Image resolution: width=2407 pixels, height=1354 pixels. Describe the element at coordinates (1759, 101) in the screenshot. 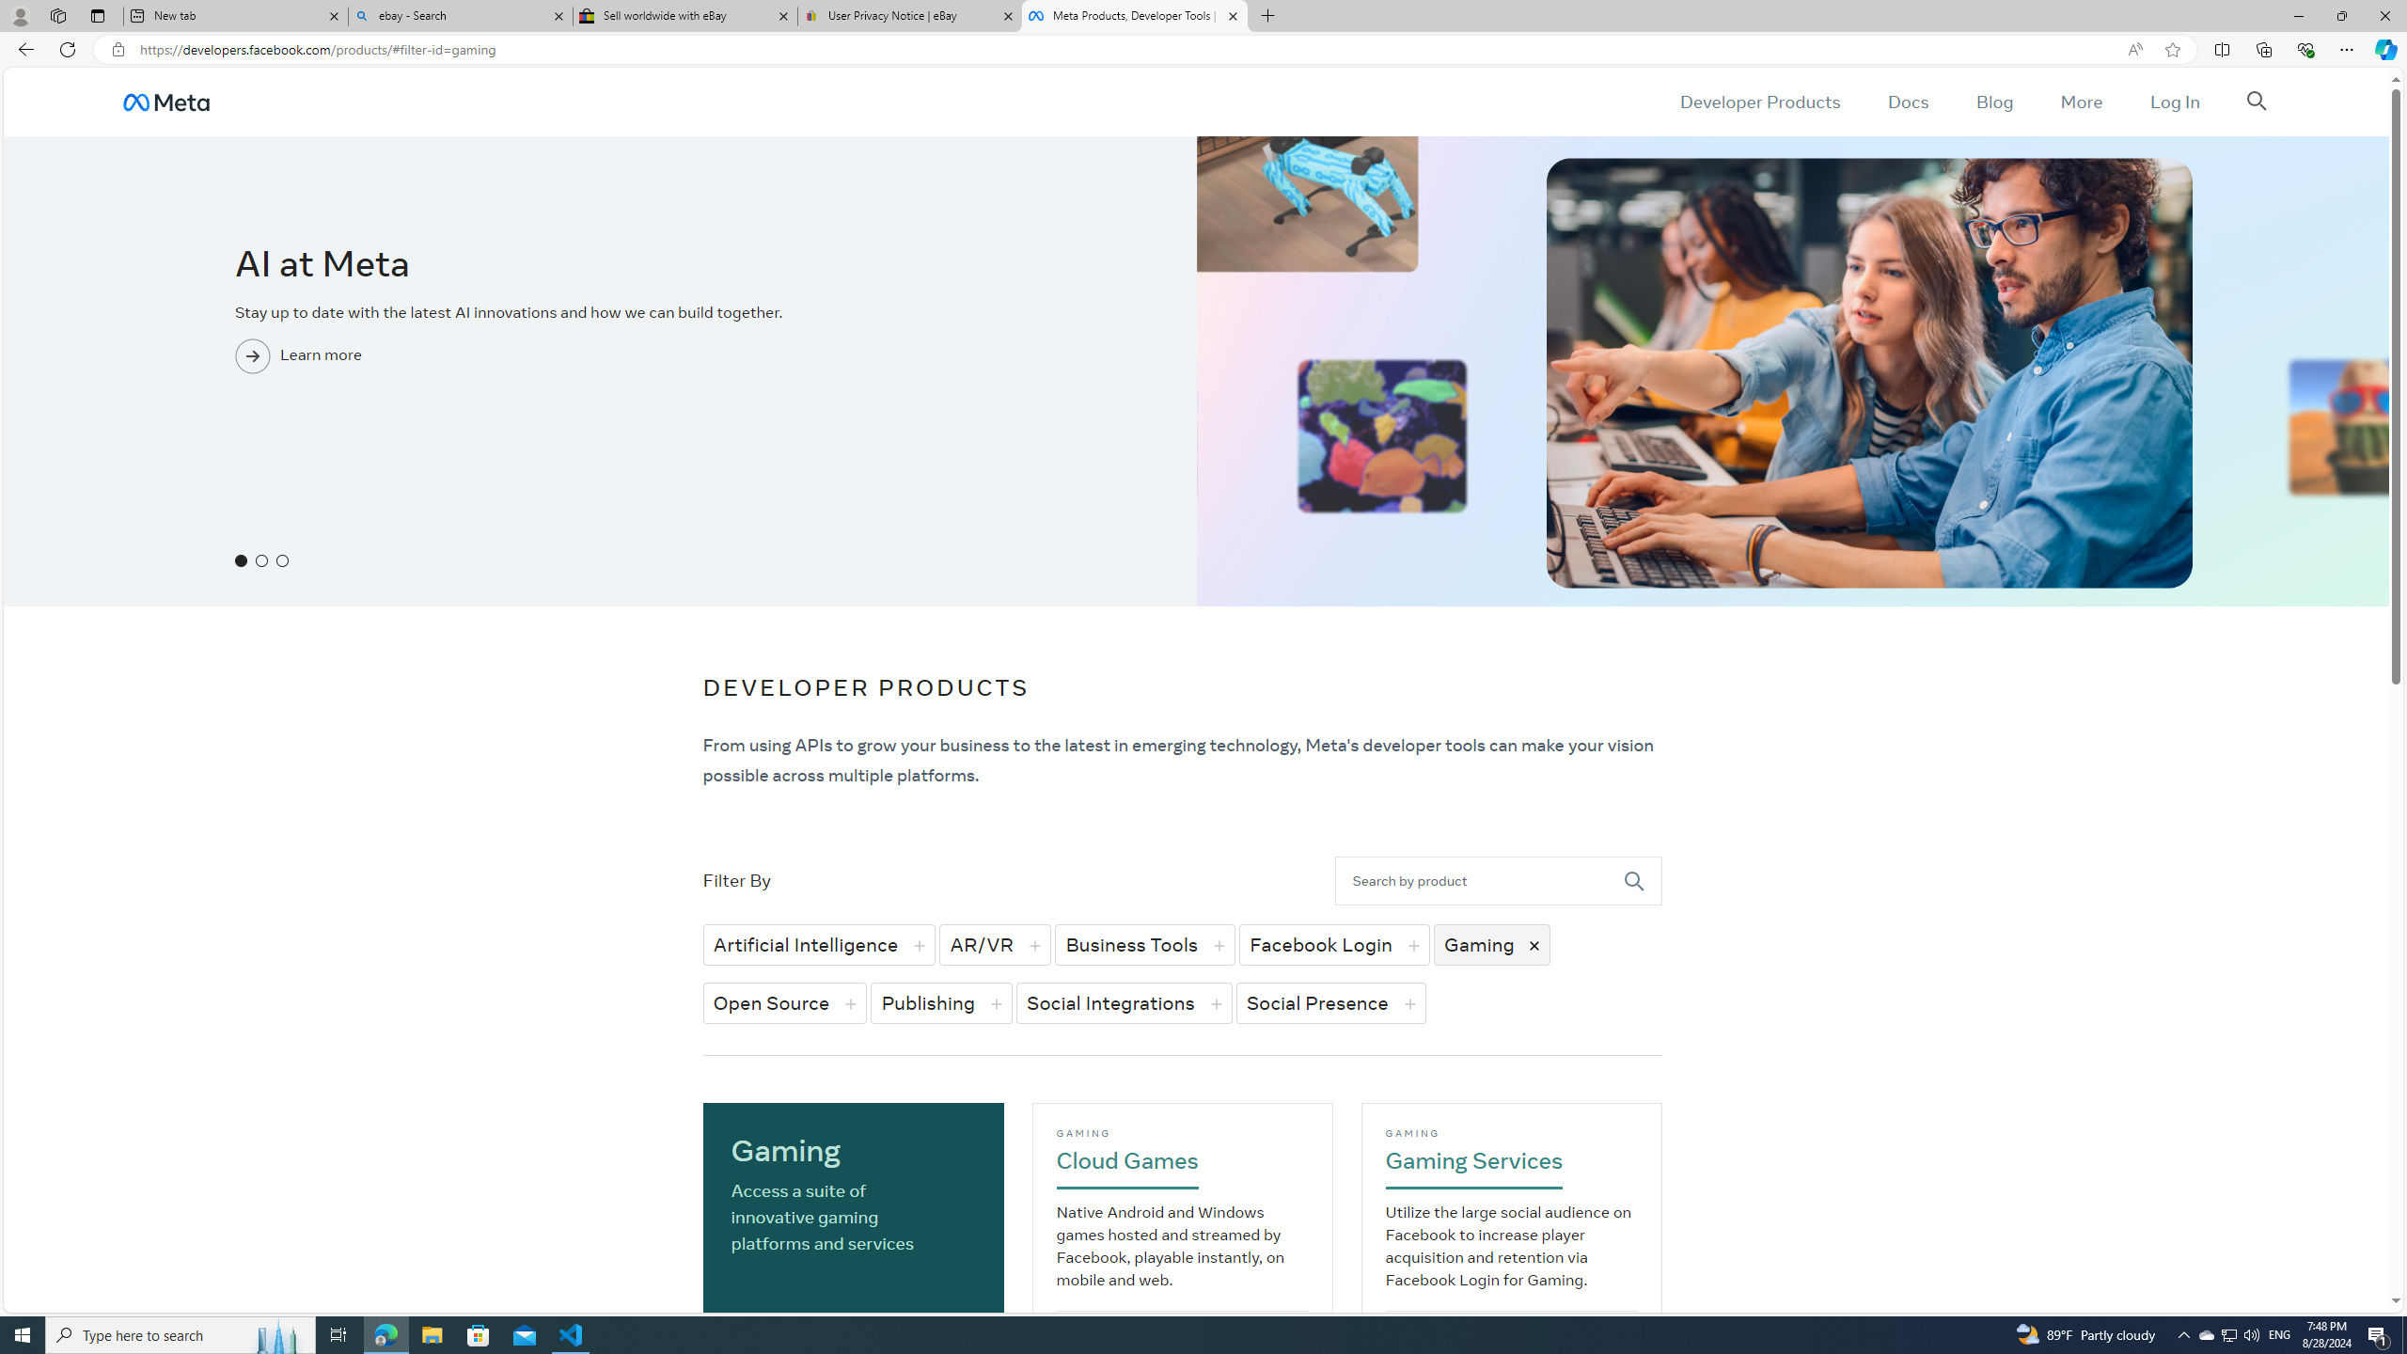

I see `'Developer Products'` at that location.